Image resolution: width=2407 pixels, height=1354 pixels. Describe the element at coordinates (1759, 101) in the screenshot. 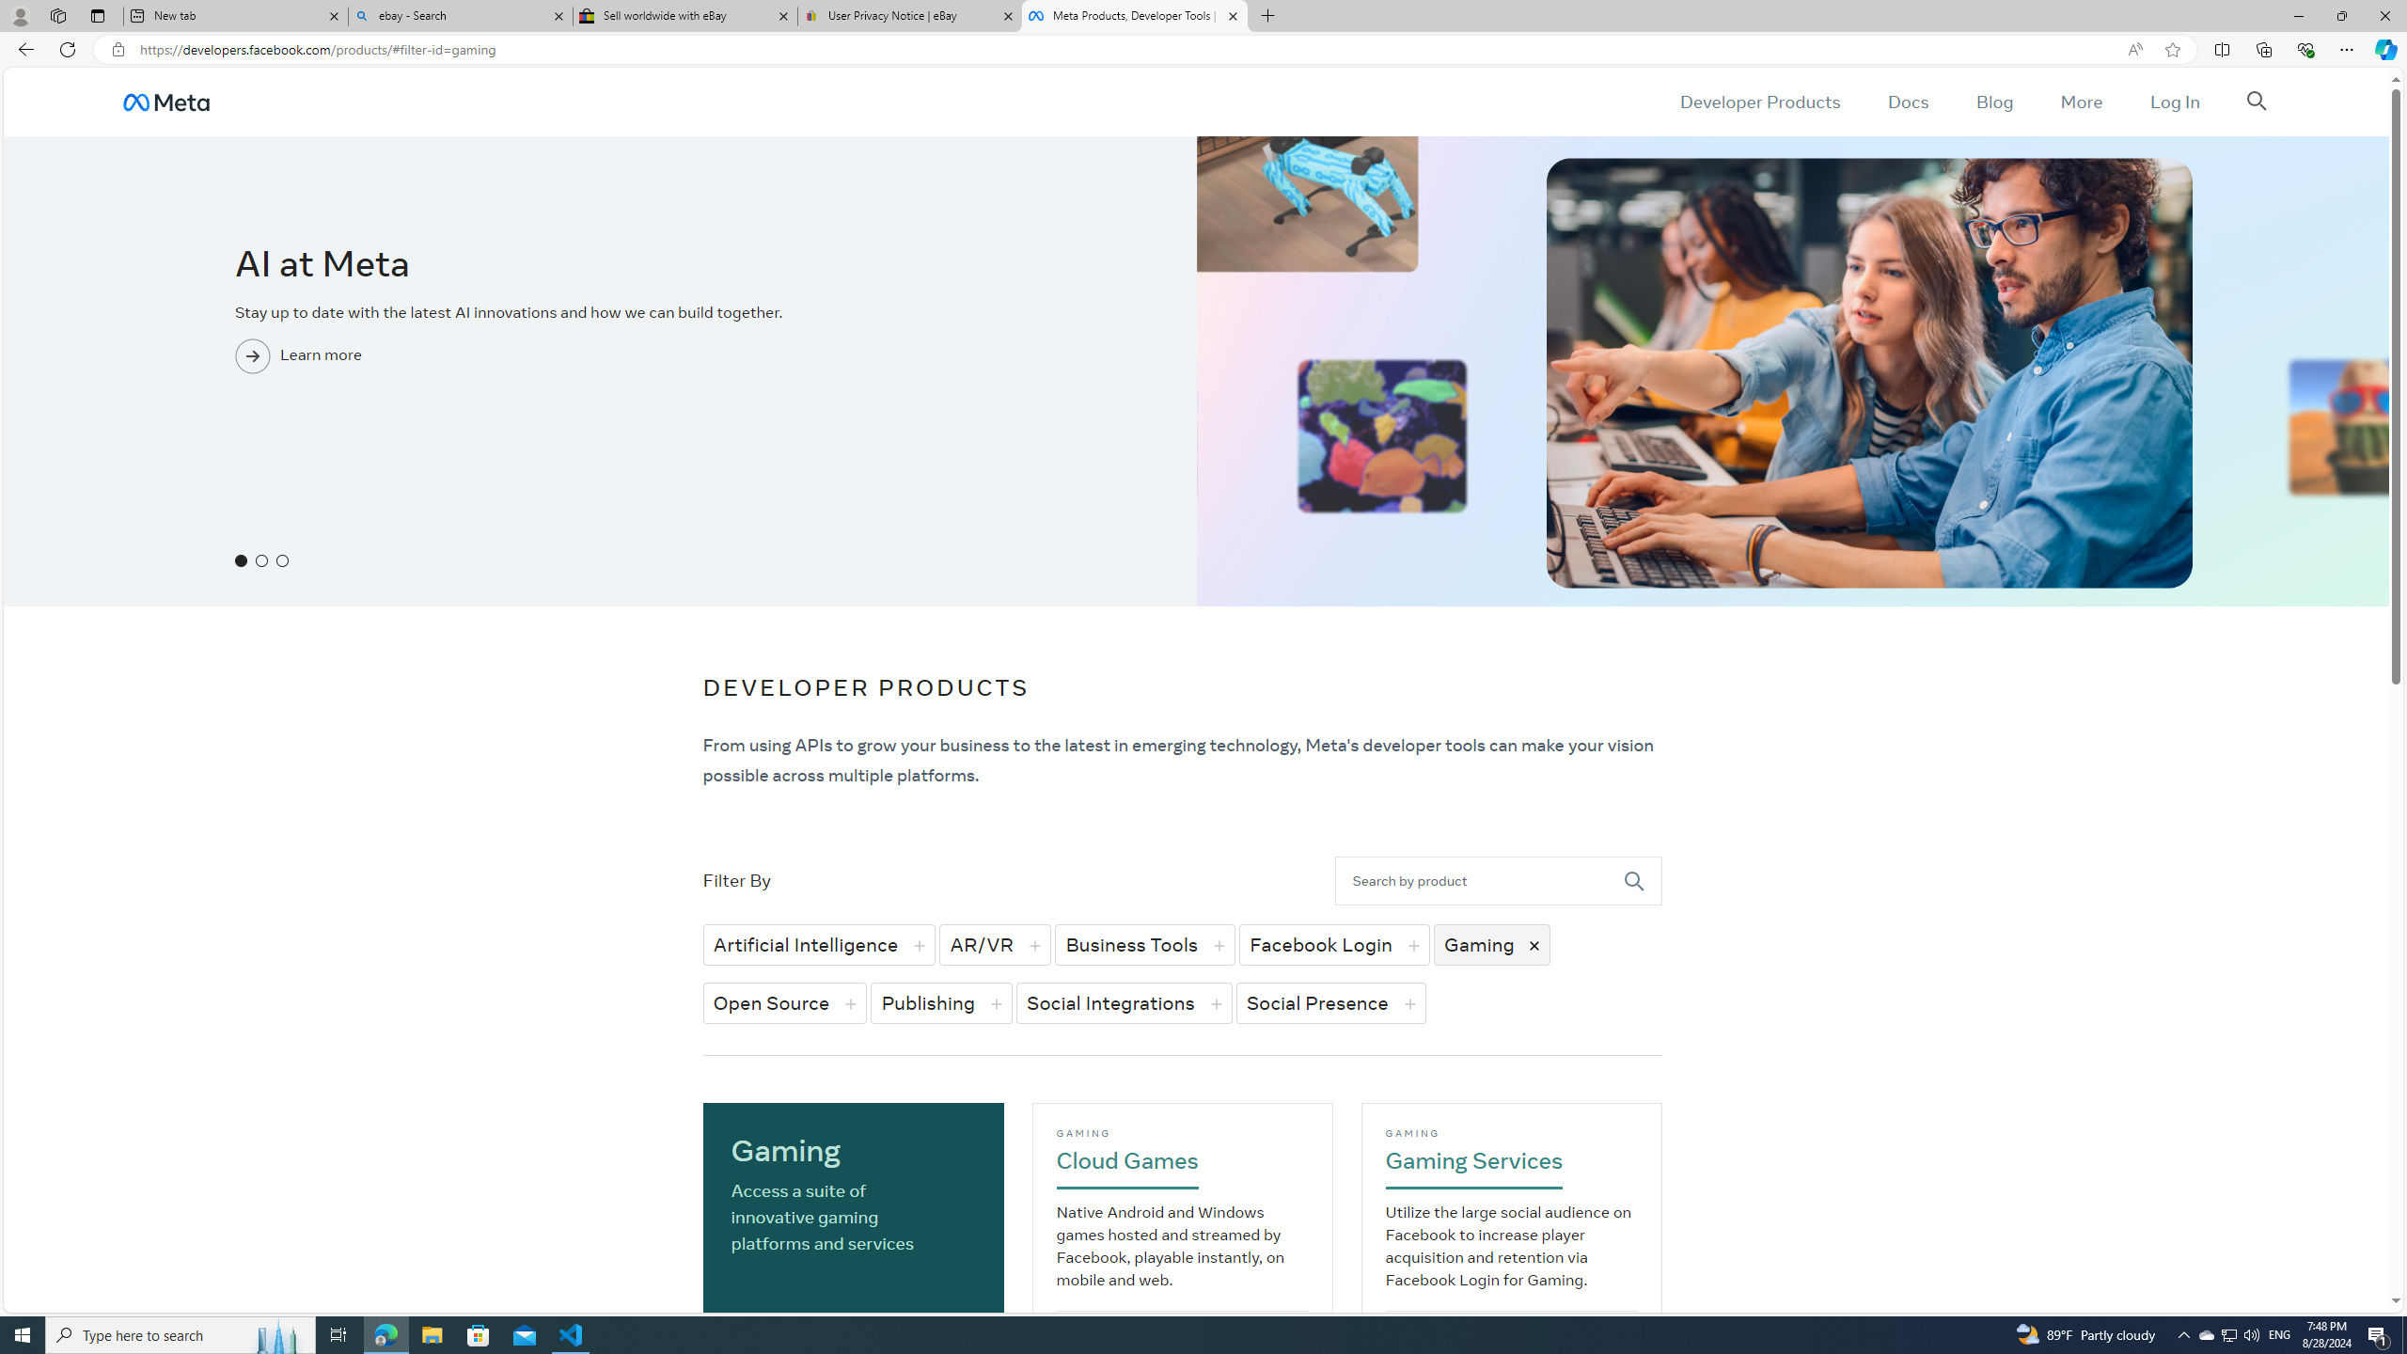

I see `'Developer Products'` at that location.